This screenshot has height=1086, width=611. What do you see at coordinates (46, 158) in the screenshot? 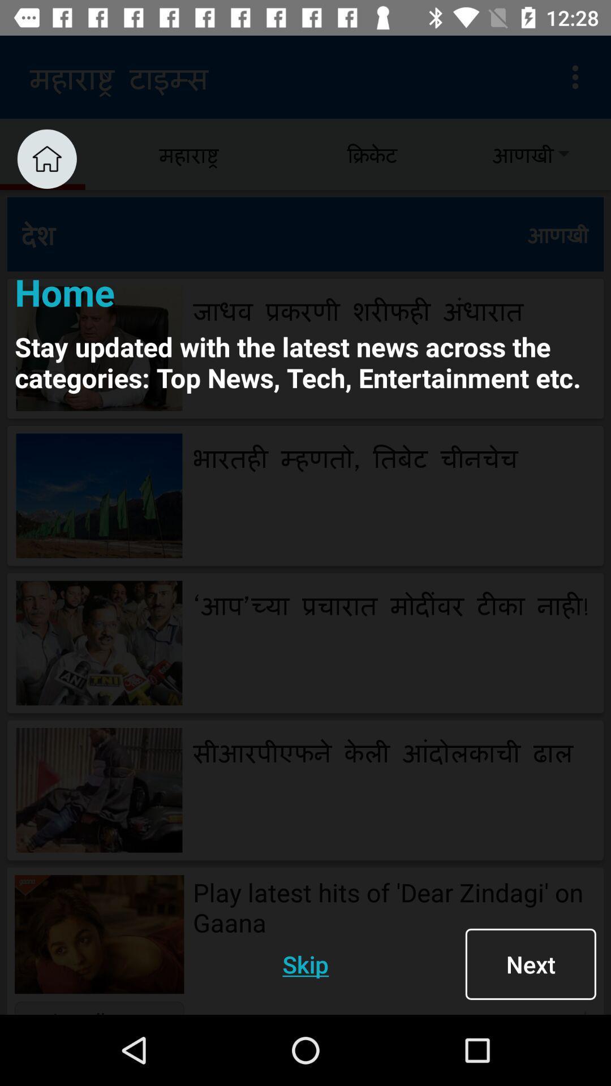
I see `going to home` at bounding box center [46, 158].